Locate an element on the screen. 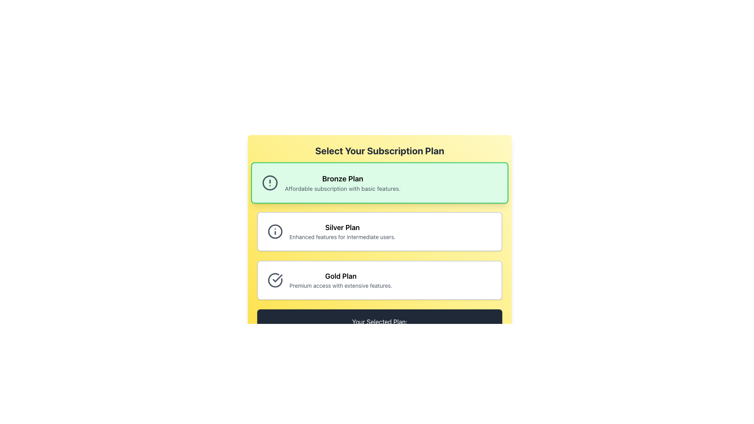  the circular alert icon with an exclamation mark located in the 'Bronze Plan' option card, aligned to the left of the subscription details is located at coordinates (270, 183).